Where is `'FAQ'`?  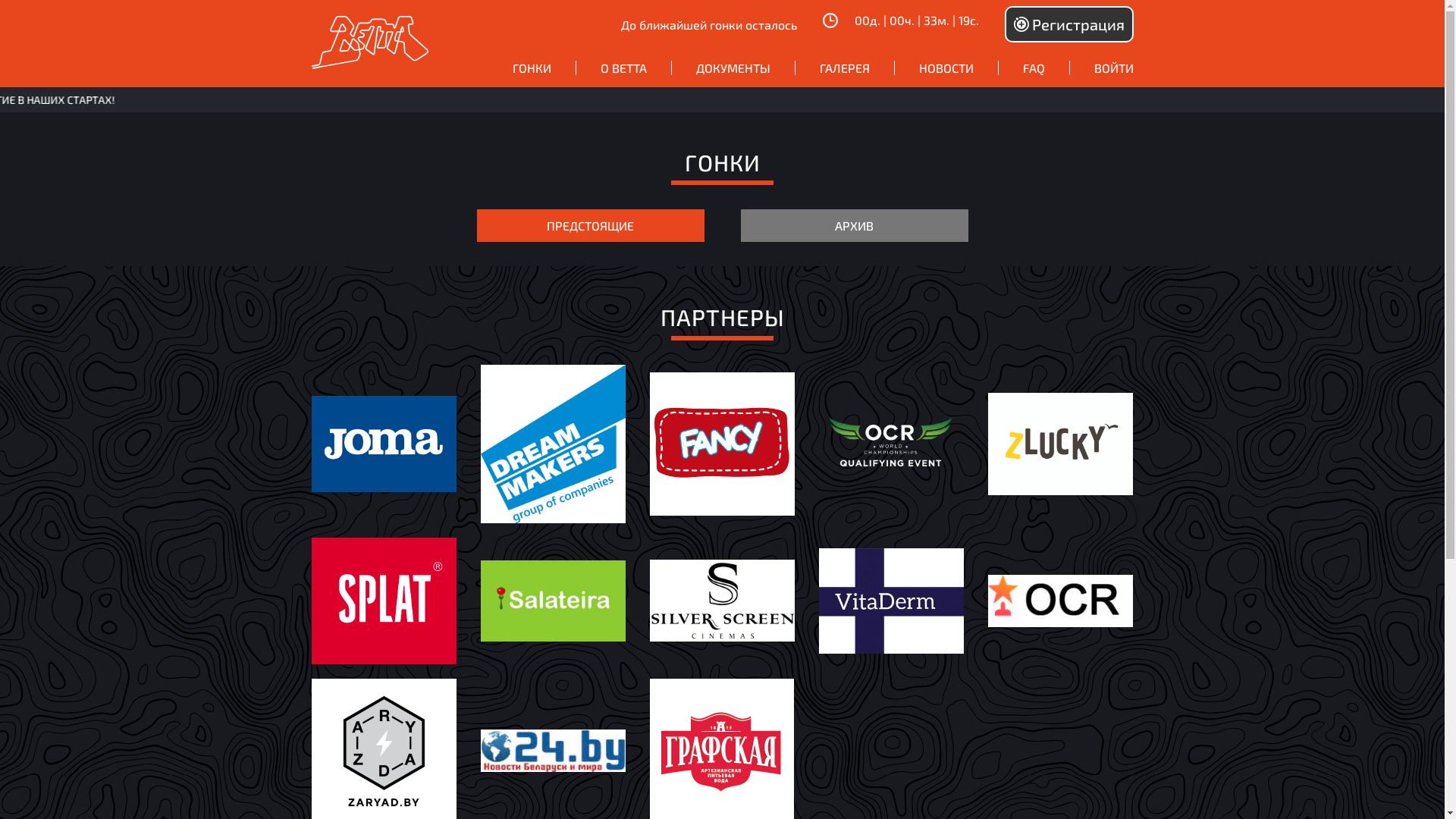
'FAQ' is located at coordinates (1032, 67).